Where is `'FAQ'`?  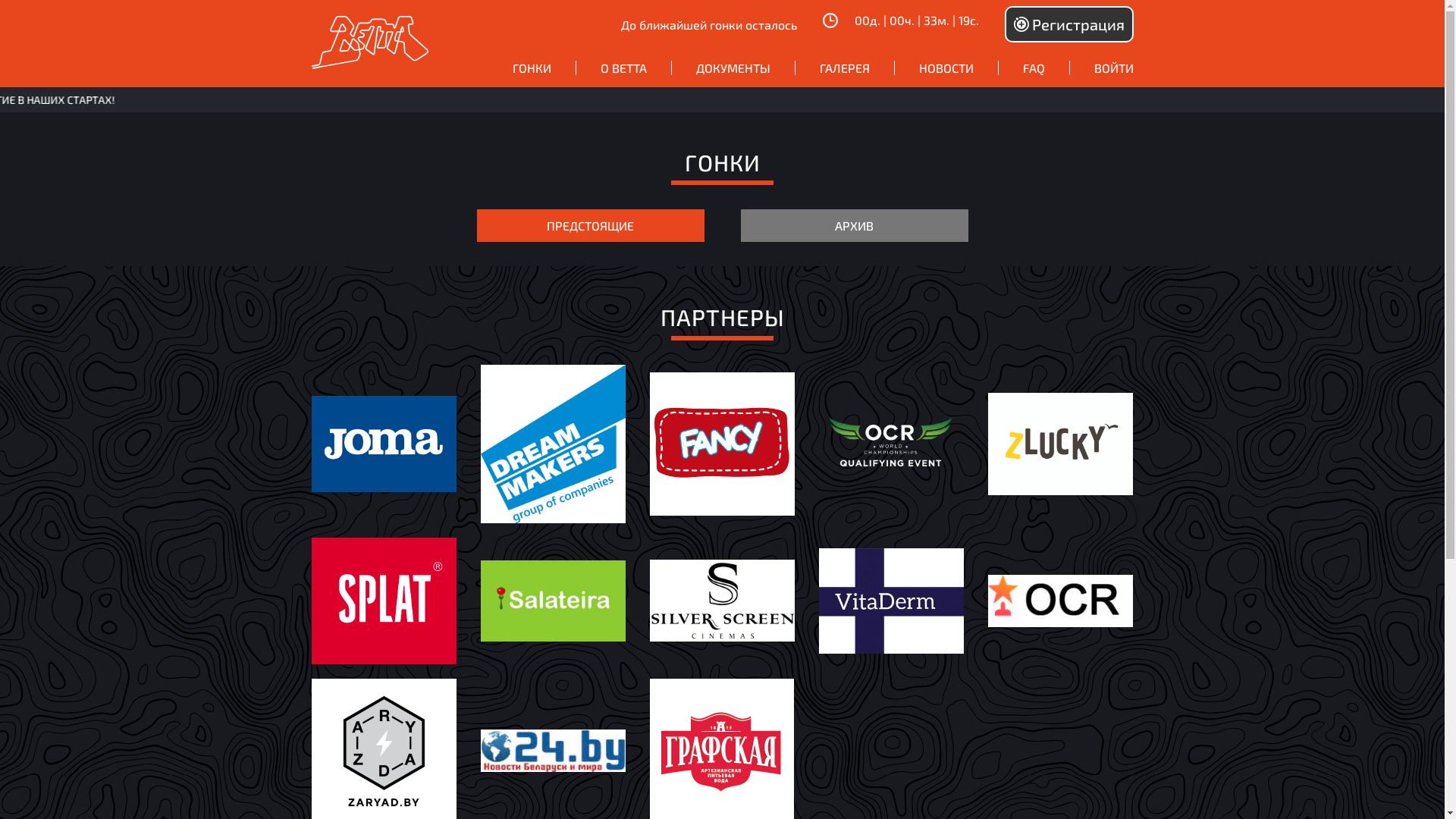
'FAQ' is located at coordinates (1032, 67).